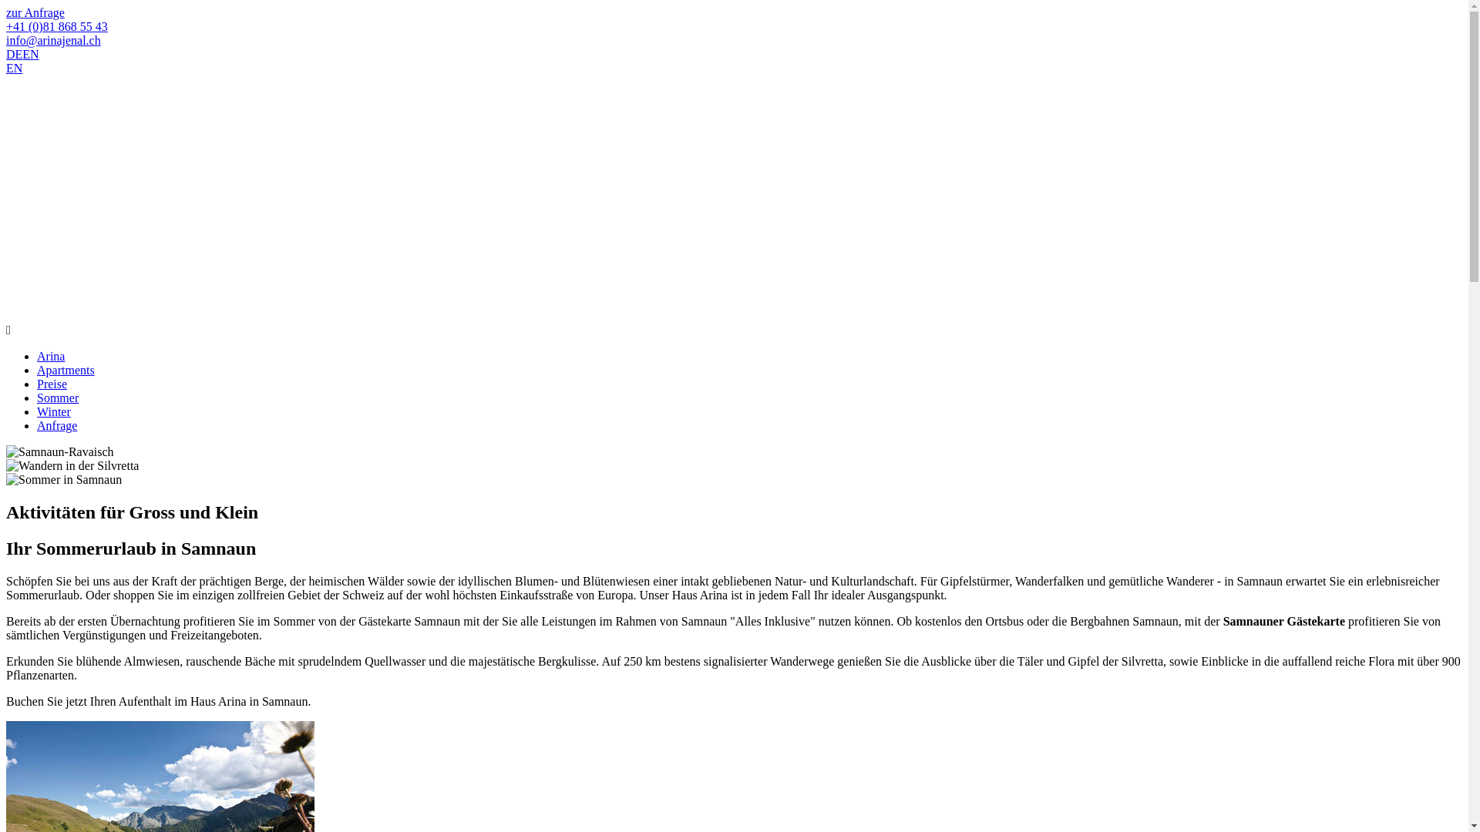 This screenshot has height=832, width=1480. What do you see at coordinates (51, 356) in the screenshot?
I see `'Arina'` at bounding box center [51, 356].